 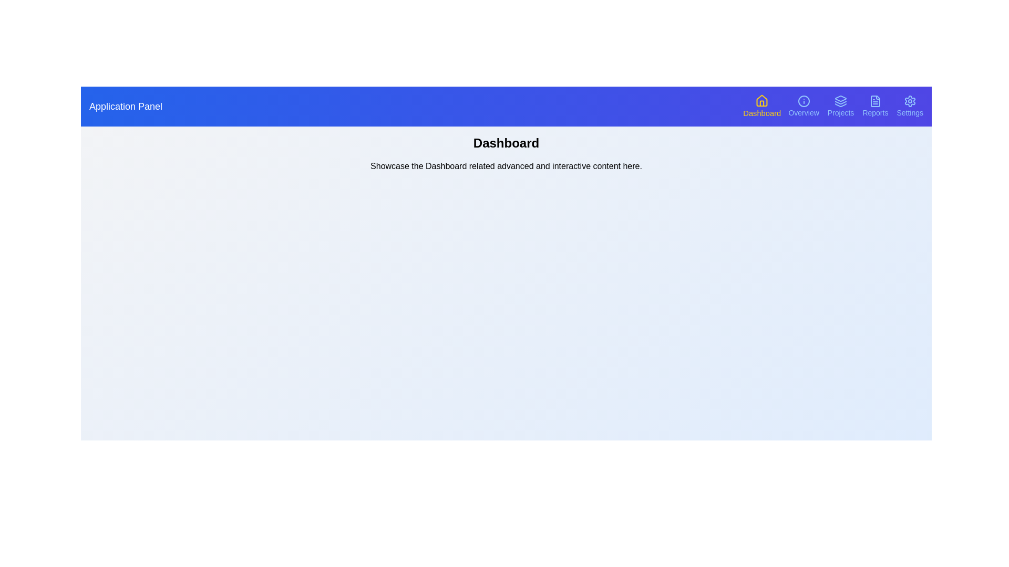 What do you see at coordinates (762, 107) in the screenshot?
I see `the navigation button corresponding to Dashboard` at bounding box center [762, 107].